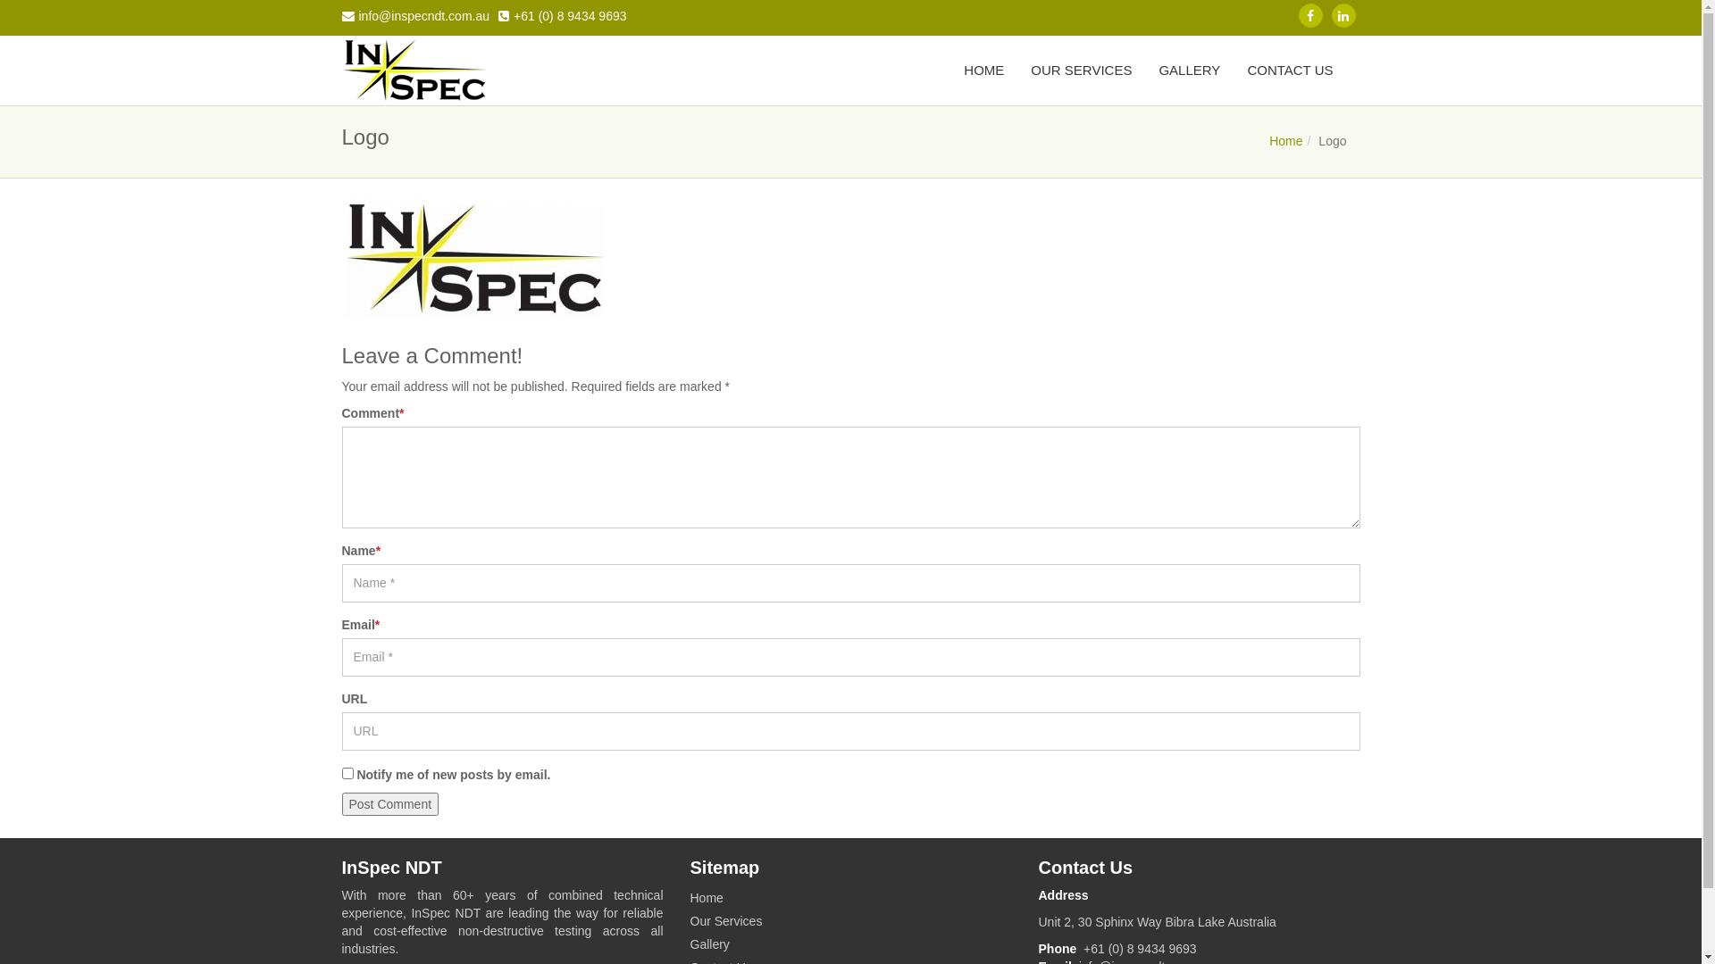  Describe the element at coordinates (983, 69) in the screenshot. I see `'HOME'` at that location.